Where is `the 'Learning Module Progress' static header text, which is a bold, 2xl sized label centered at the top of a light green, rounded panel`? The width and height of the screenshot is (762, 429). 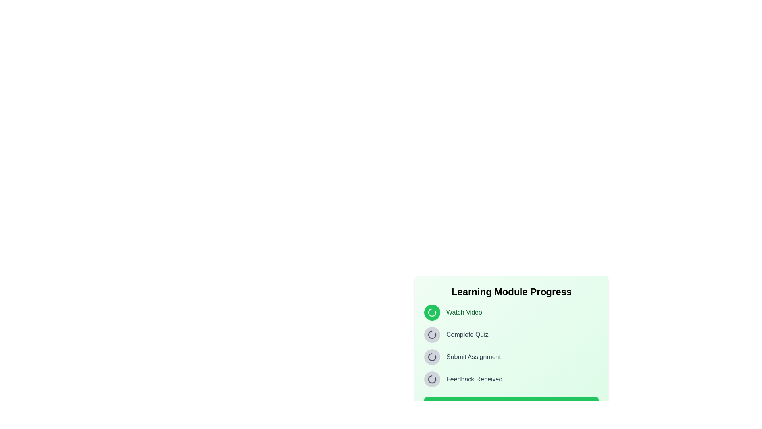 the 'Learning Module Progress' static header text, which is a bold, 2xl sized label centered at the top of a light green, rounded panel is located at coordinates (512, 292).